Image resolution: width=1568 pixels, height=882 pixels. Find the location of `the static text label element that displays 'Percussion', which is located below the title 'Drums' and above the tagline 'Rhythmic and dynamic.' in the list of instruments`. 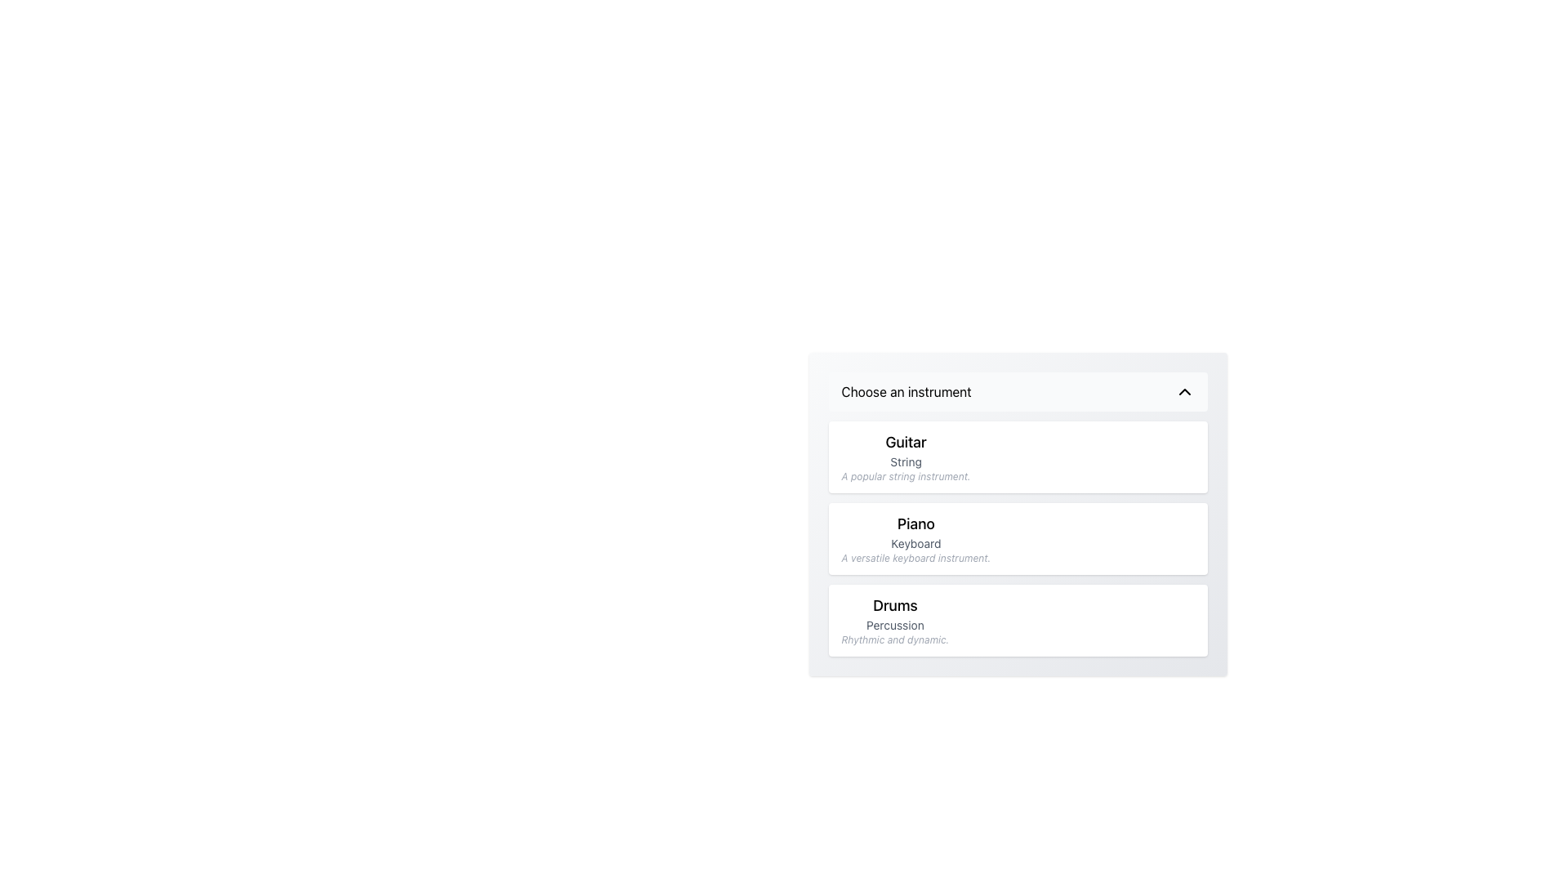

the static text label element that displays 'Percussion', which is located below the title 'Drums' and above the tagline 'Rhythmic and dynamic.' in the list of instruments is located at coordinates (894, 625).